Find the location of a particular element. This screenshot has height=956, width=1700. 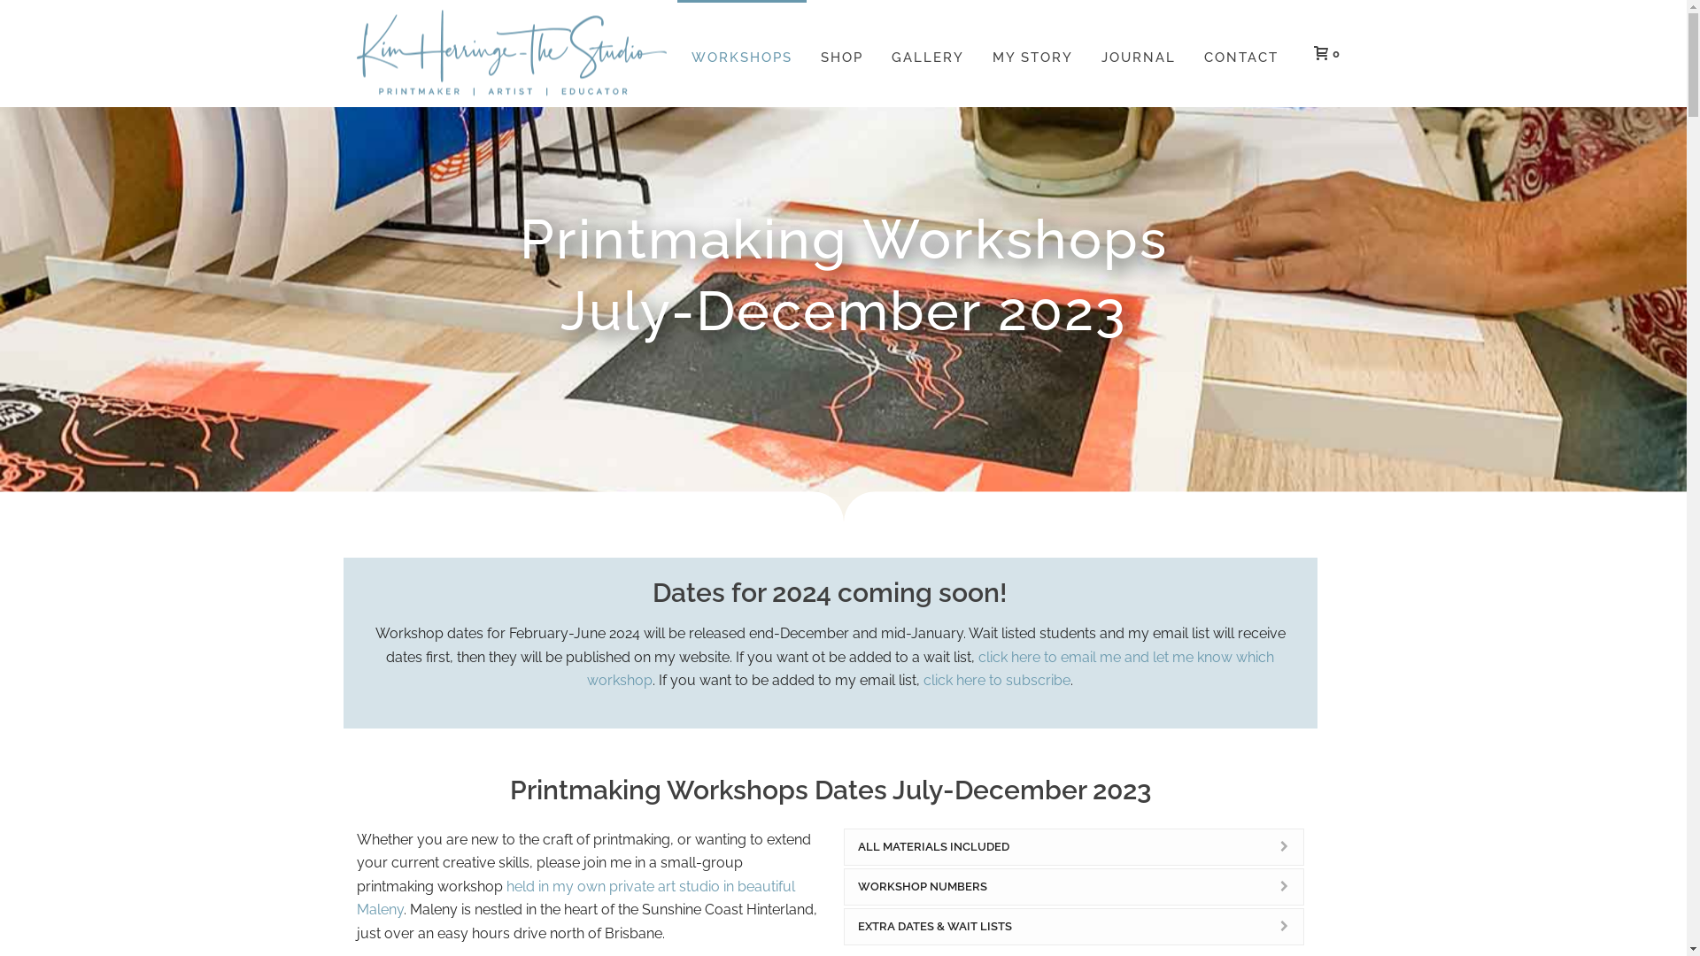

'CONTACT' is located at coordinates (1190, 52).